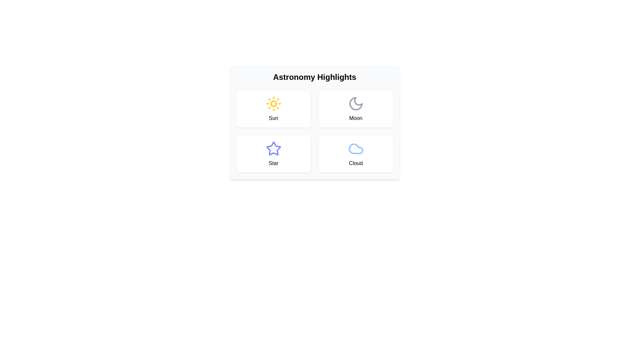 Image resolution: width=637 pixels, height=358 pixels. Describe the element at coordinates (355, 103) in the screenshot. I see `the gray outline crescent moon icon in the 'Astronomy Highlights' section` at that location.